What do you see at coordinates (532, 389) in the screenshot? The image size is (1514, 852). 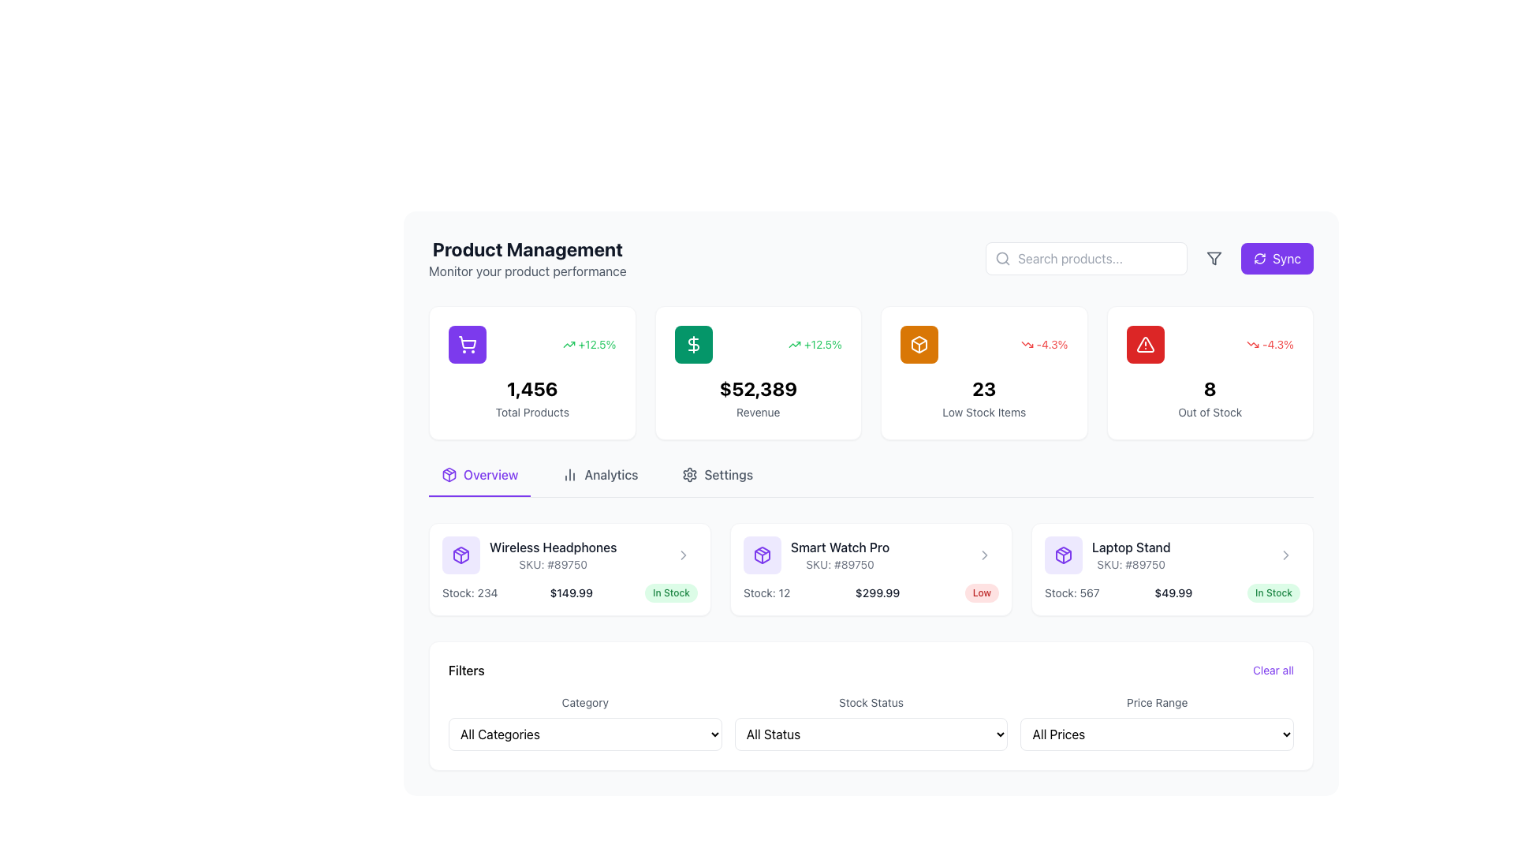 I see `the Text label displaying the total count of products, which is centrally located above the 'Total Products' label and below the plus percentage indicator` at bounding box center [532, 389].